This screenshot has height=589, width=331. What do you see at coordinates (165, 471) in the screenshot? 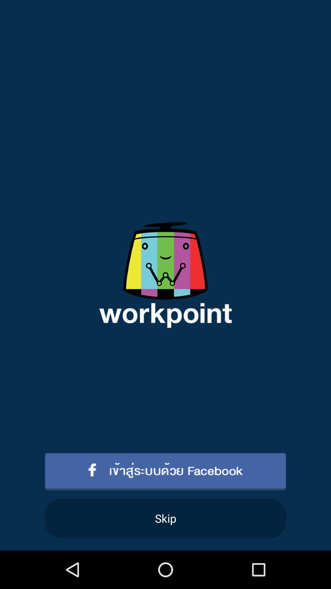
I see `item above skip` at bounding box center [165, 471].